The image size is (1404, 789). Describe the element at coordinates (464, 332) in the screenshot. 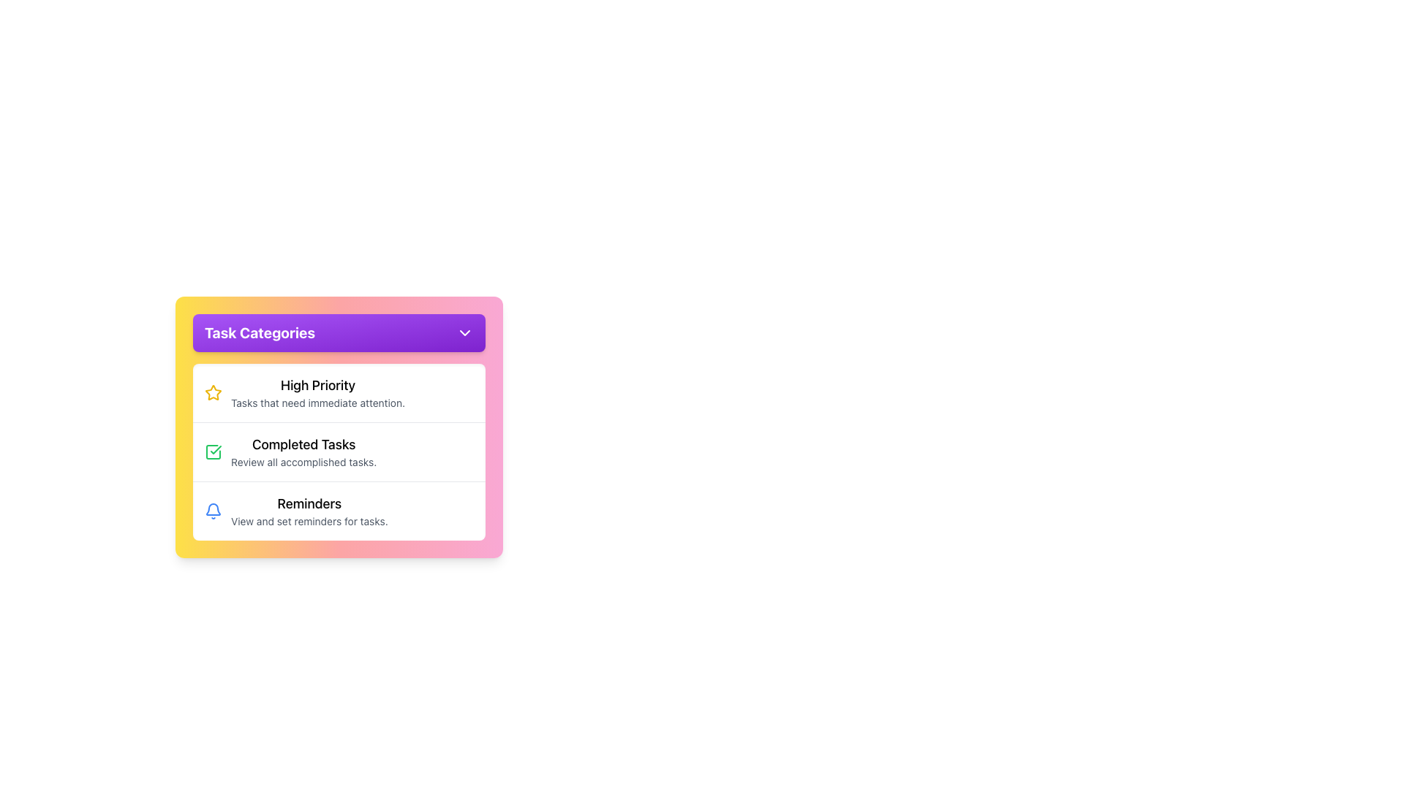

I see `the collapsible icon located next to the 'Task Categories' text` at that location.